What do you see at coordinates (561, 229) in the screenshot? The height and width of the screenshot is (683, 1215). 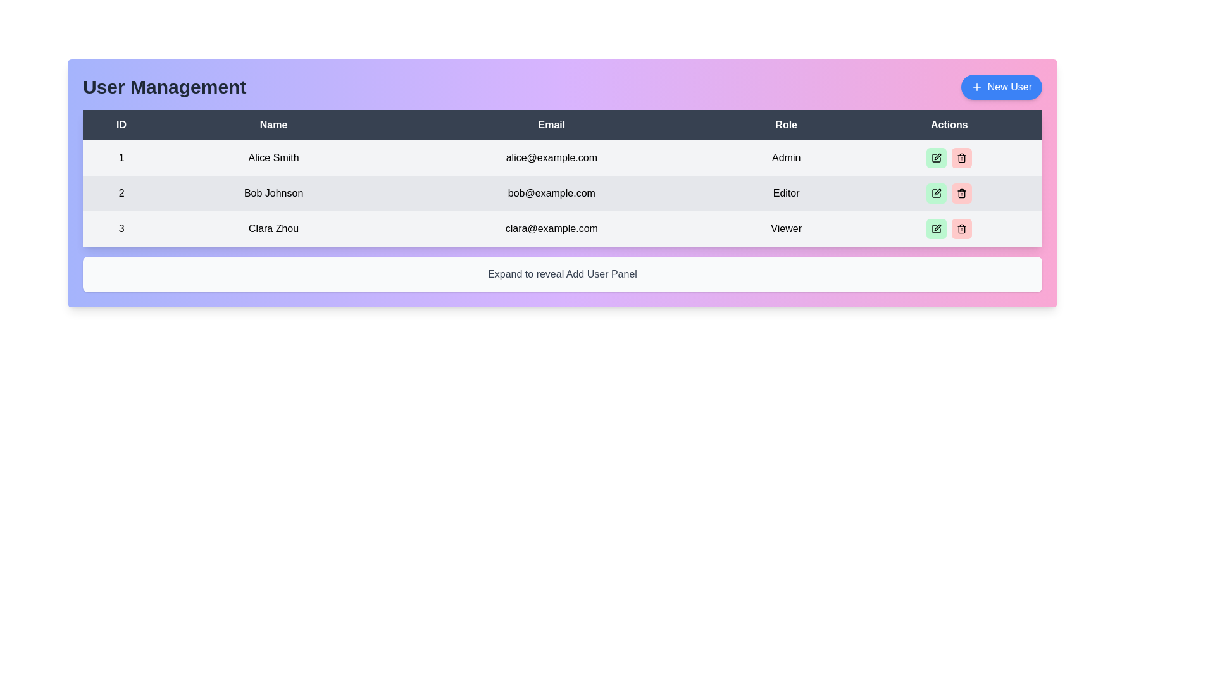 I see `the table row displaying user details for ID number 3, which includes the name 'Clara Zhou', email 'clara@example.com', and role 'Viewer'` at bounding box center [561, 229].